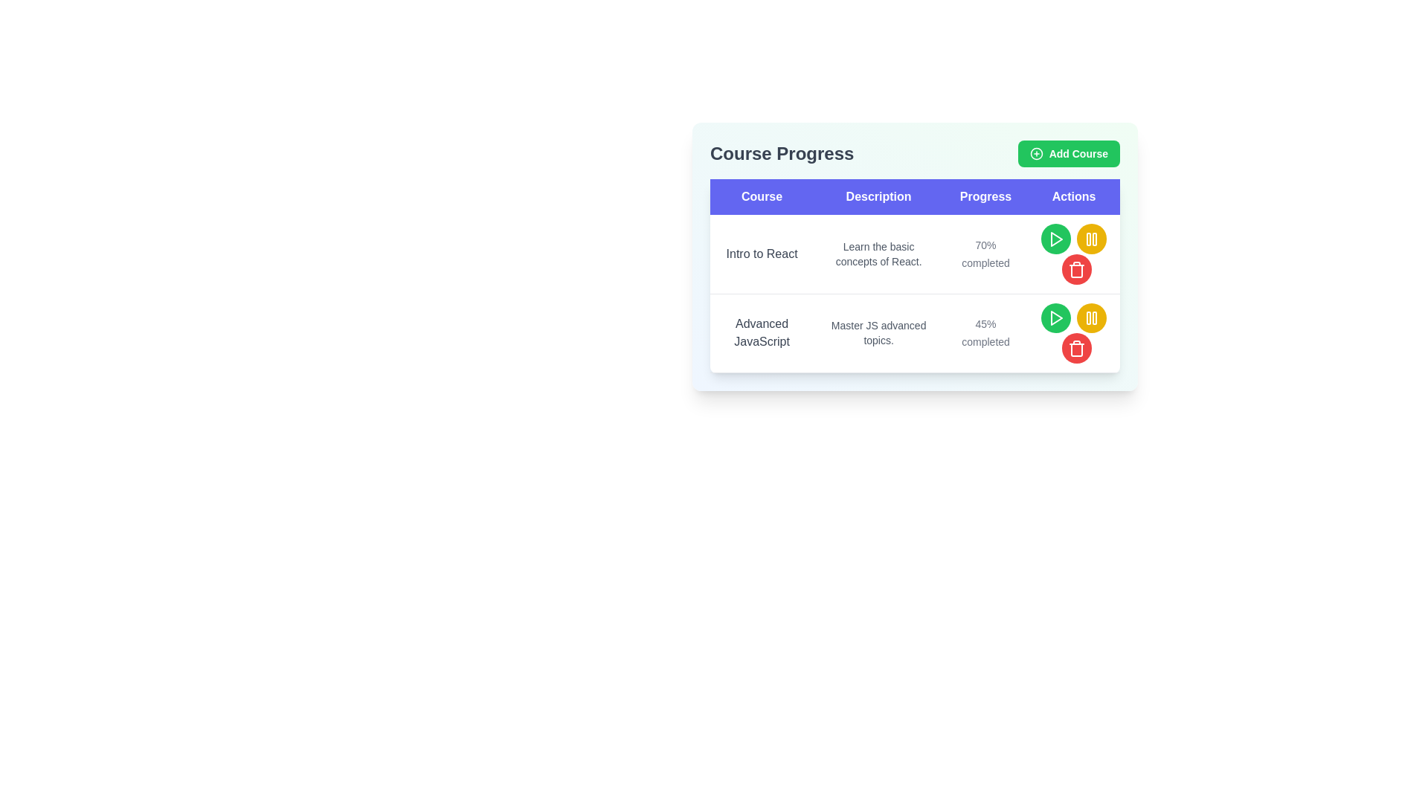 This screenshot has width=1428, height=803. What do you see at coordinates (985, 254) in the screenshot?
I see `the progress indicator displaying '70% completed' in the 'Progress' column of the table for the 'Intro to React' course, which features a blue-filled progress bar` at bounding box center [985, 254].